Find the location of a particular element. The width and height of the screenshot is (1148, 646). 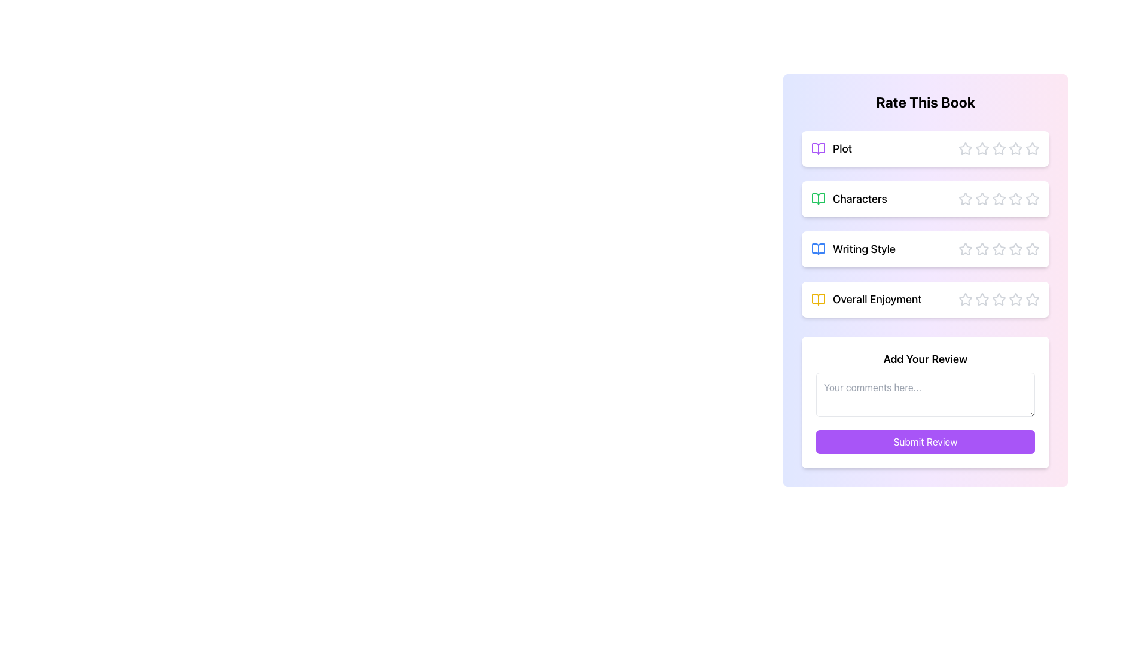

the fifth star in the rating system for 'Writing Style' to mark a rating of 5 is located at coordinates (1015, 248).